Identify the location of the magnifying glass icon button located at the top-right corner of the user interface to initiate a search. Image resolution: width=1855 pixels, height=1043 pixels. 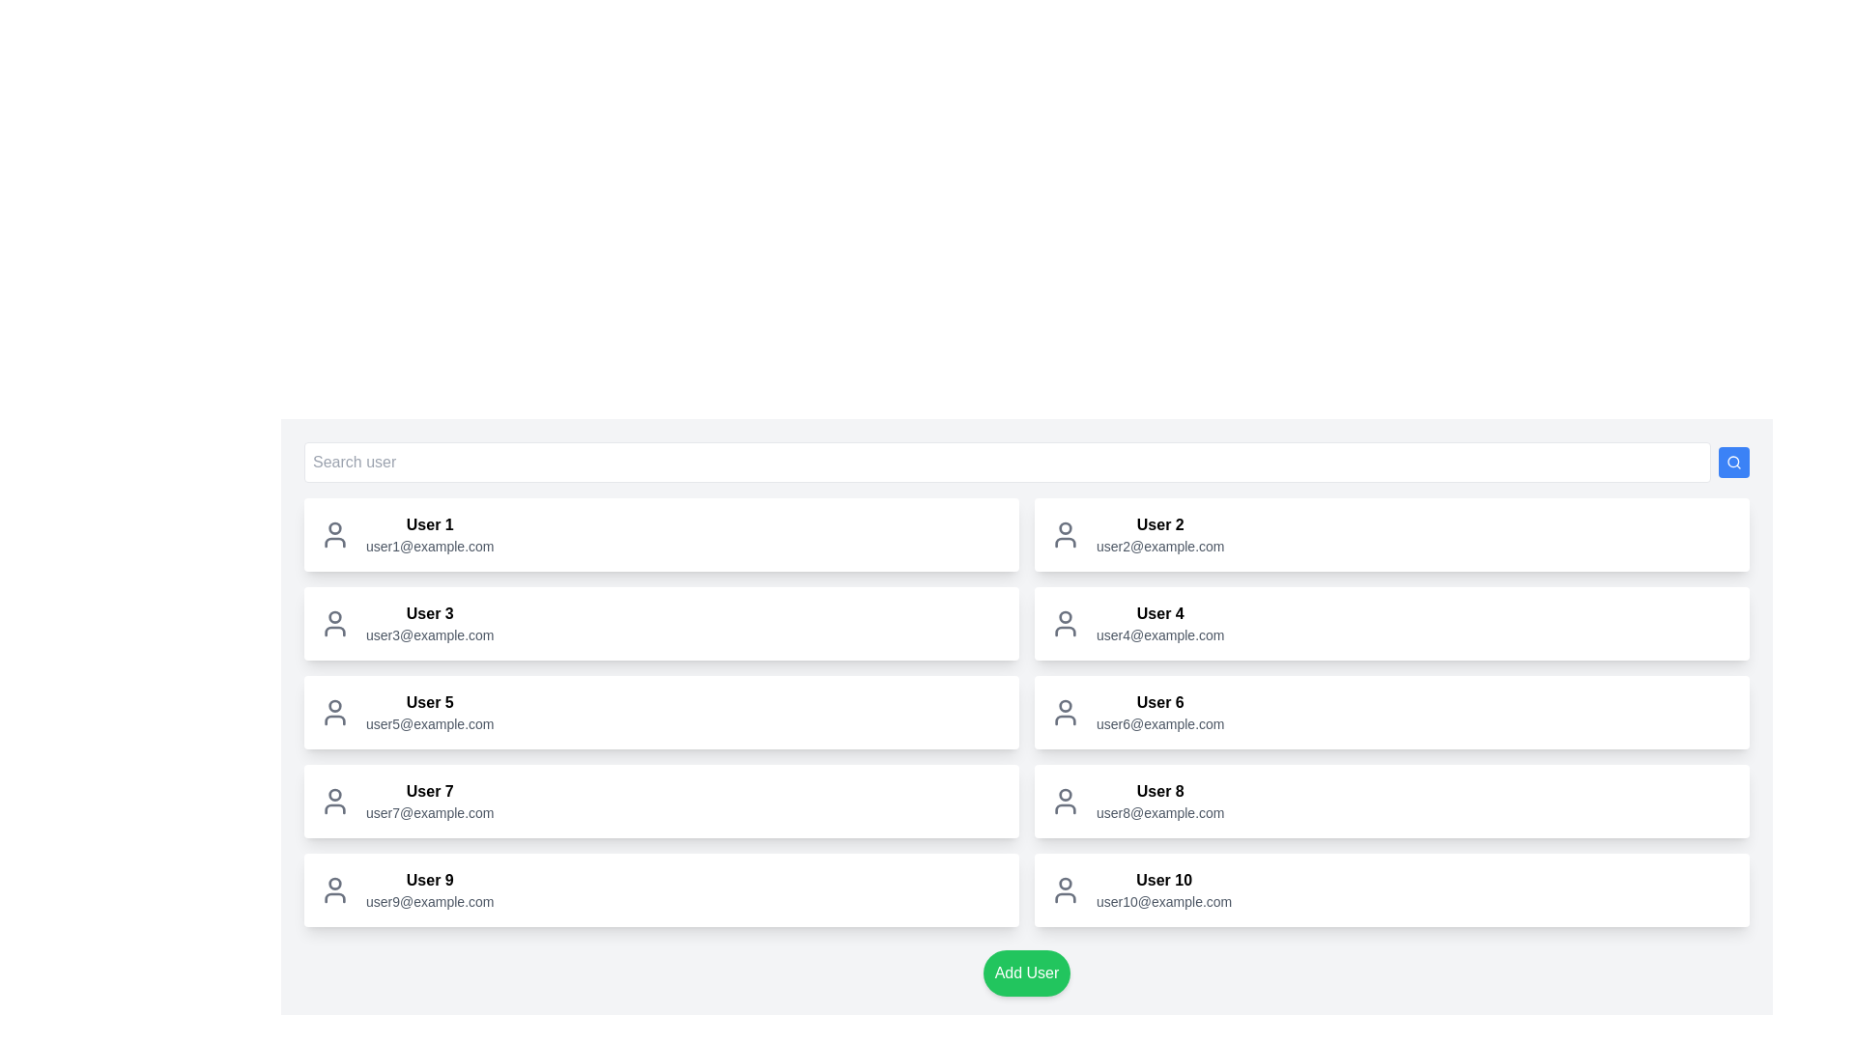
(1734, 462).